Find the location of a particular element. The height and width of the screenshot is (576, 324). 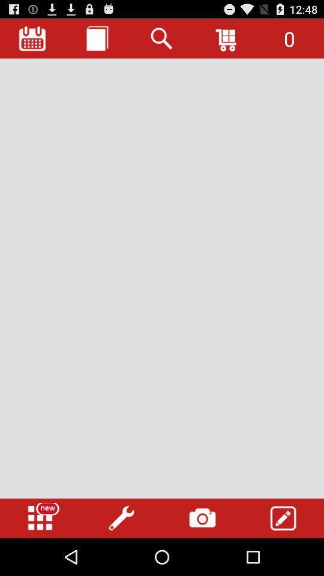

search is located at coordinates (162, 38).